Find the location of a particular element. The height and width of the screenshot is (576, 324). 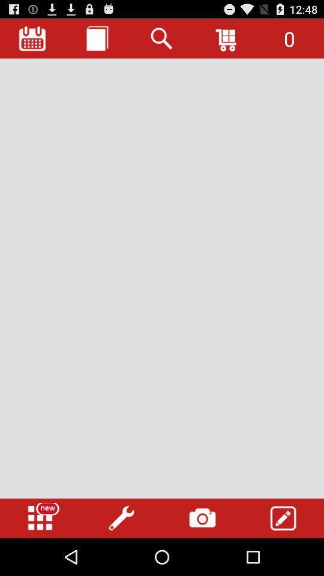

search is located at coordinates (162, 38).